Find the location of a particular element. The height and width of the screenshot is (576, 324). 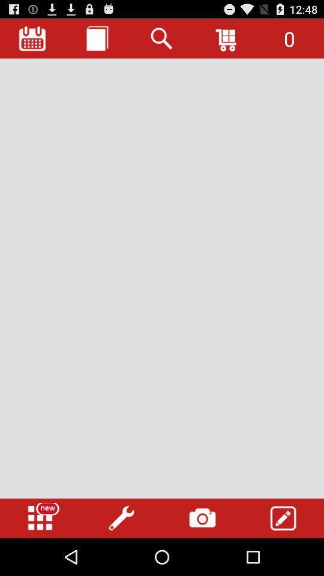

search is located at coordinates (162, 38).